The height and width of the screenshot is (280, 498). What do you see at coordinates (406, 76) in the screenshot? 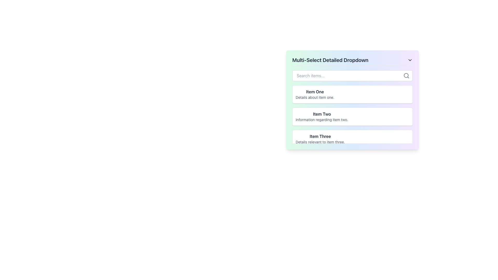
I see `the magnifying glass icon located inside the search input component` at bounding box center [406, 76].